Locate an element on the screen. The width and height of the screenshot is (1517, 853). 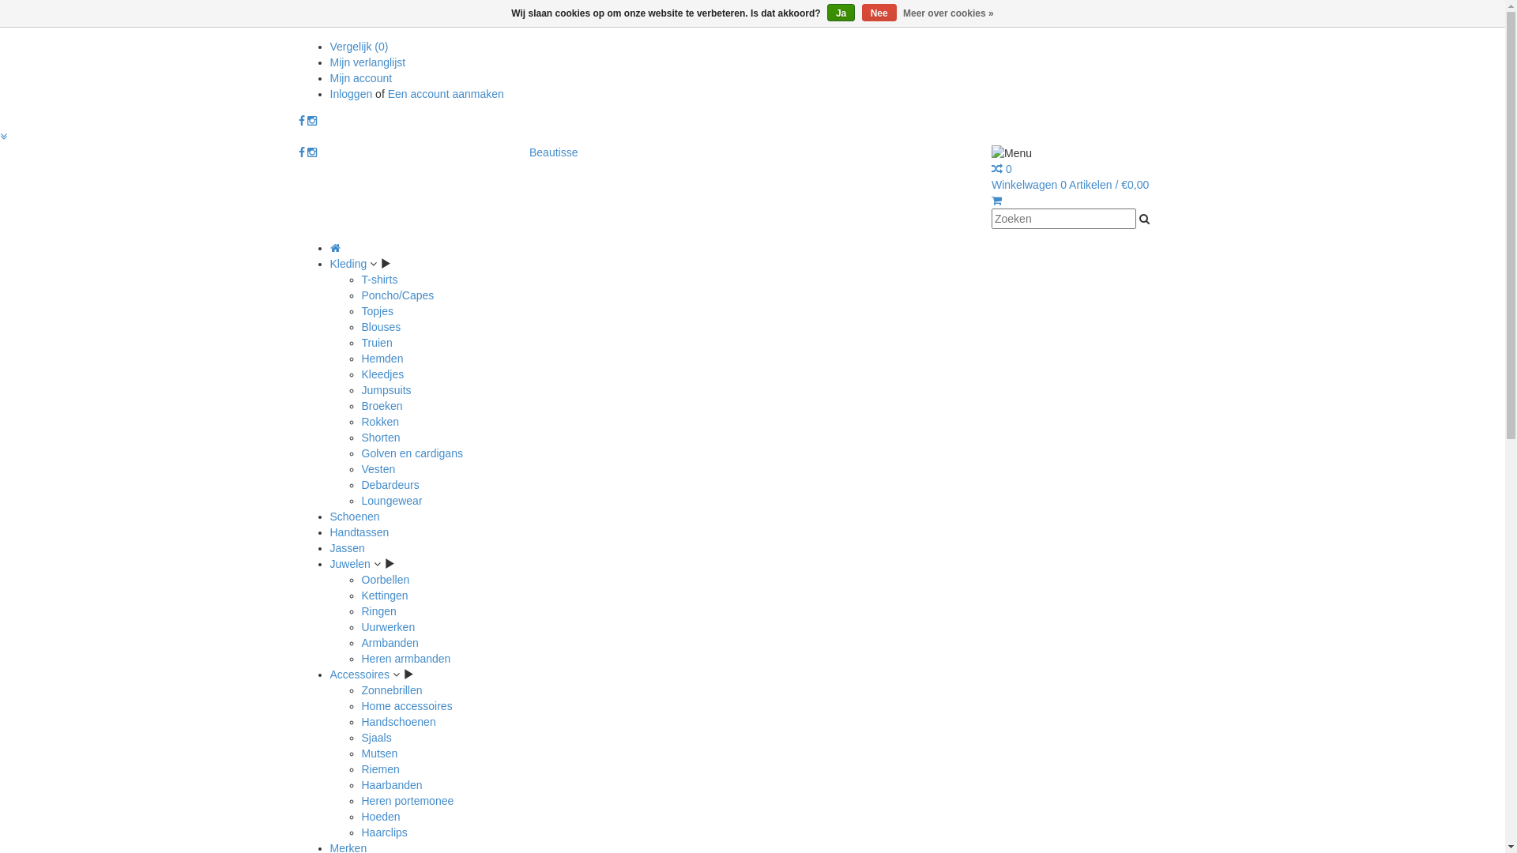
'Ringen' is located at coordinates (360, 611).